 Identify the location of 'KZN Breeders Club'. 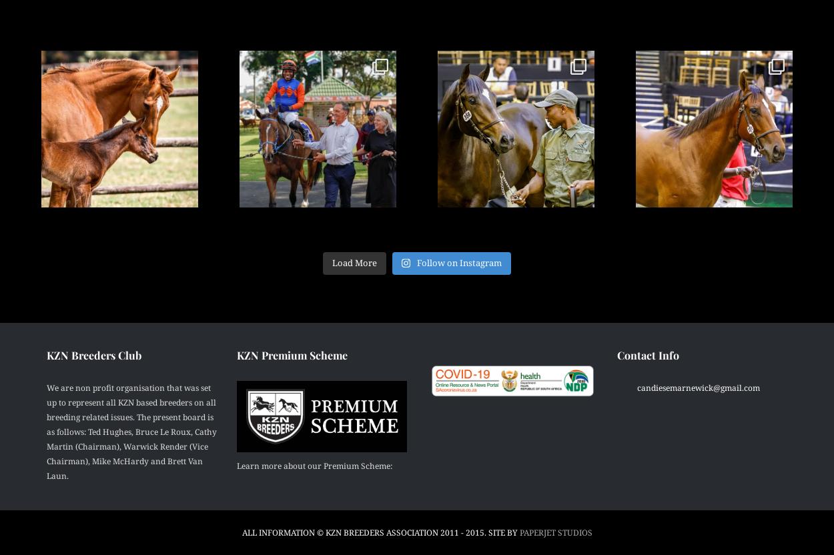
(94, 354).